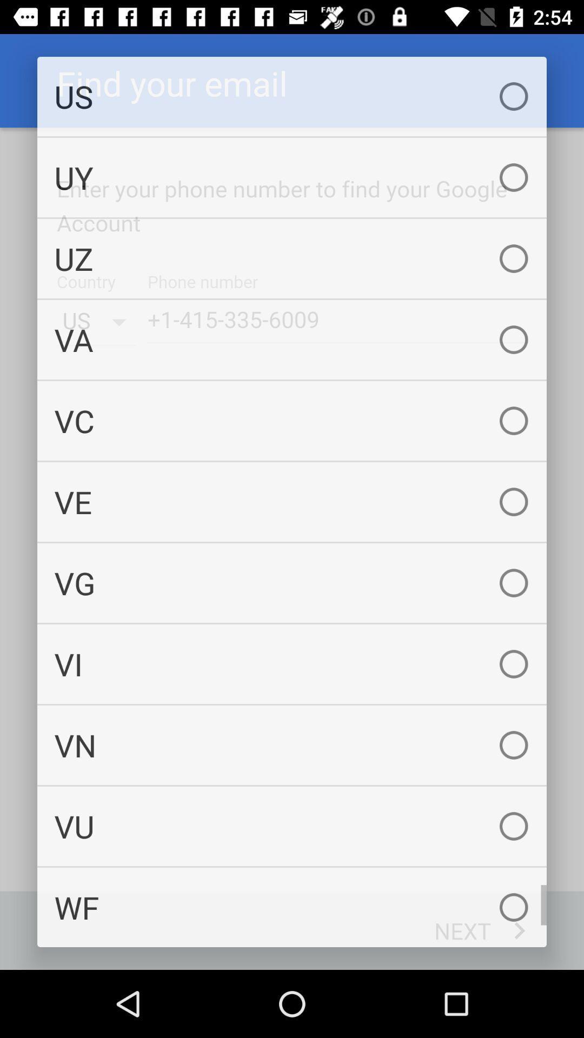  What do you see at coordinates (292, 177) in the screenshot?
I see `item above the uz icon` at bounding box center [292, 177].